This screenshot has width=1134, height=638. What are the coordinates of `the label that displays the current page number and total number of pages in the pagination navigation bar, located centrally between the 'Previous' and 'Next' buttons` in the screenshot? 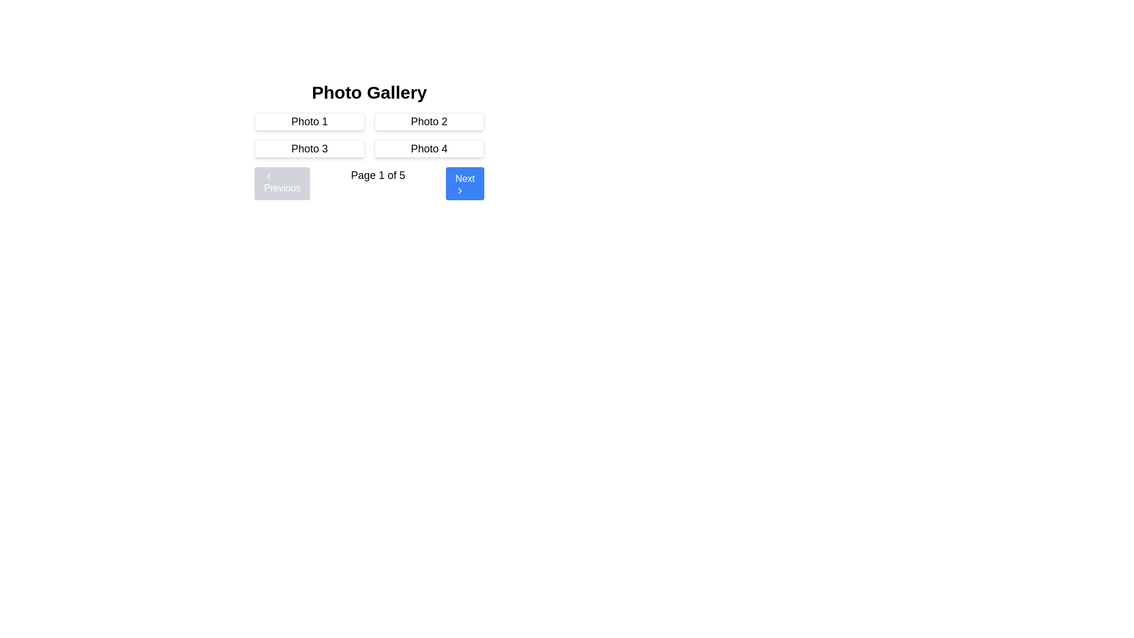 It's located at (378, 184).